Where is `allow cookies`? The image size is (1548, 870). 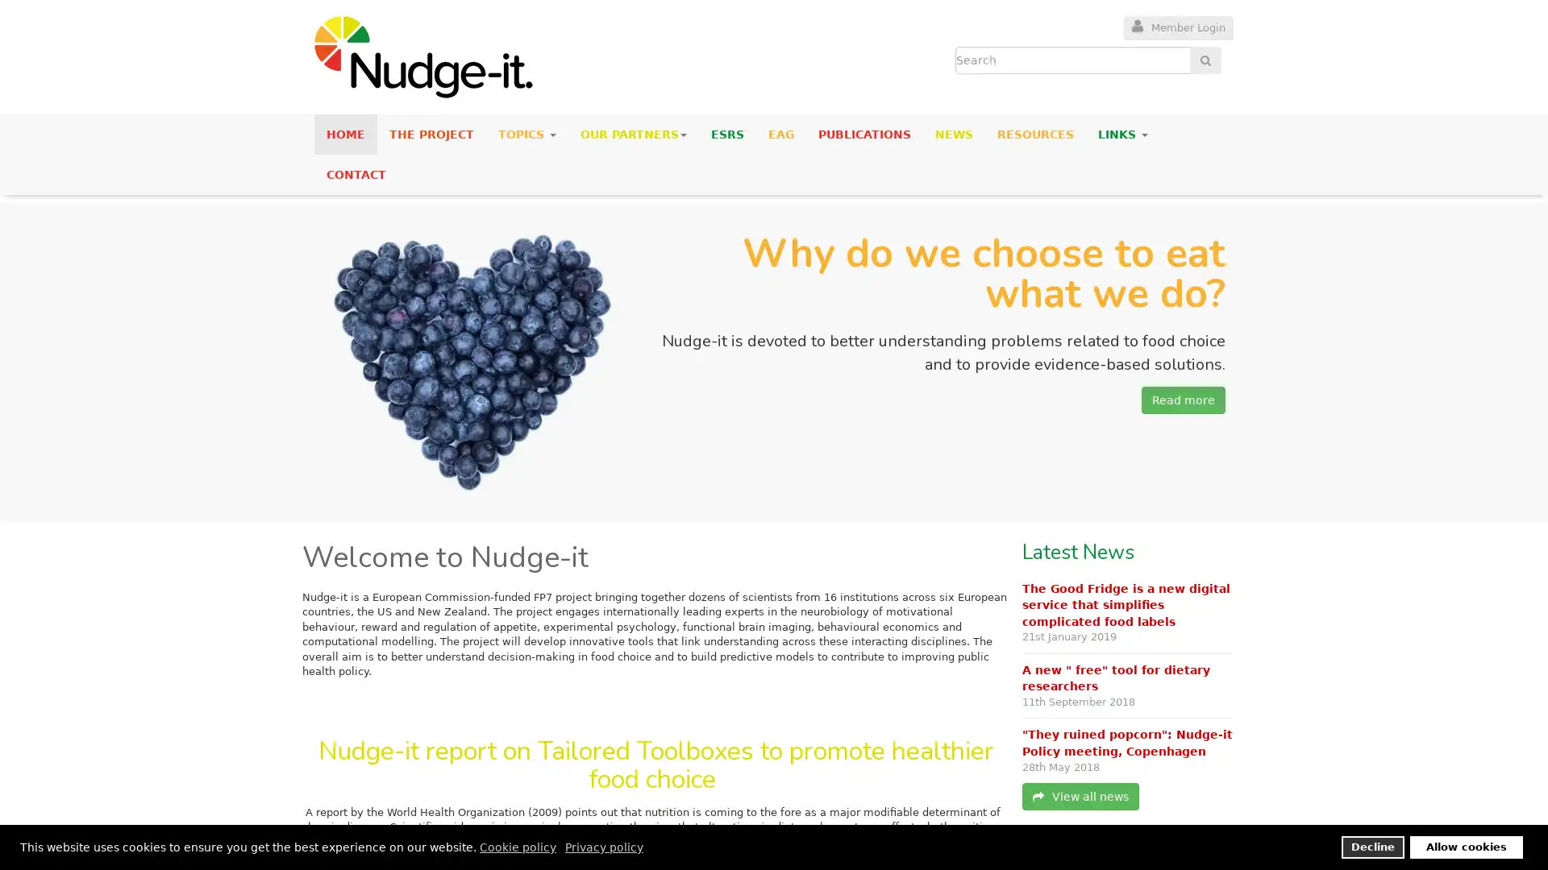
allow cookies is located at coordinates (1466, 846).